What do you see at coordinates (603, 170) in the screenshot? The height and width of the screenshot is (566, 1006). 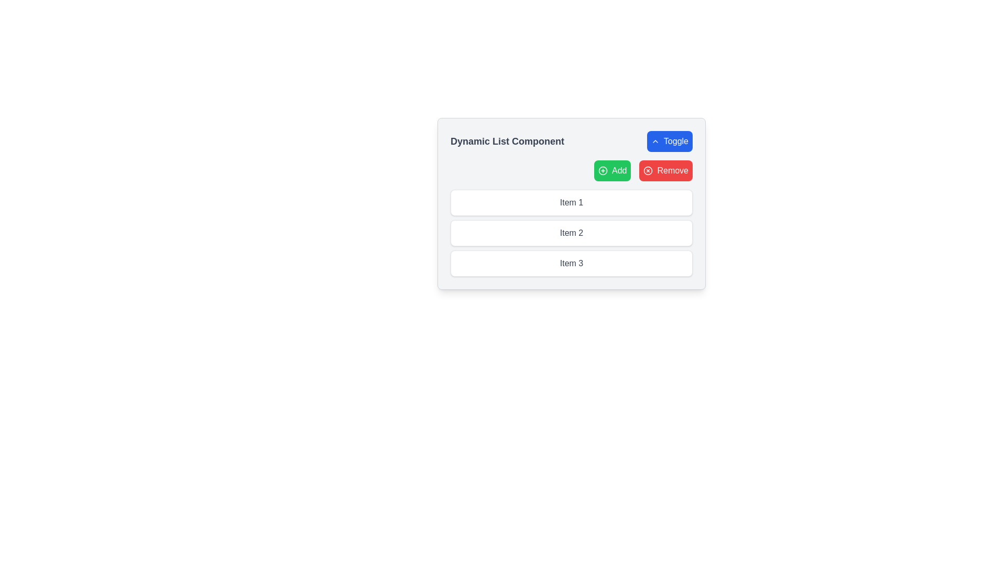 I see `the circular icon with a plus sign located to the left of the 'Add' label in a green button group` at bounding box center [603, 170].